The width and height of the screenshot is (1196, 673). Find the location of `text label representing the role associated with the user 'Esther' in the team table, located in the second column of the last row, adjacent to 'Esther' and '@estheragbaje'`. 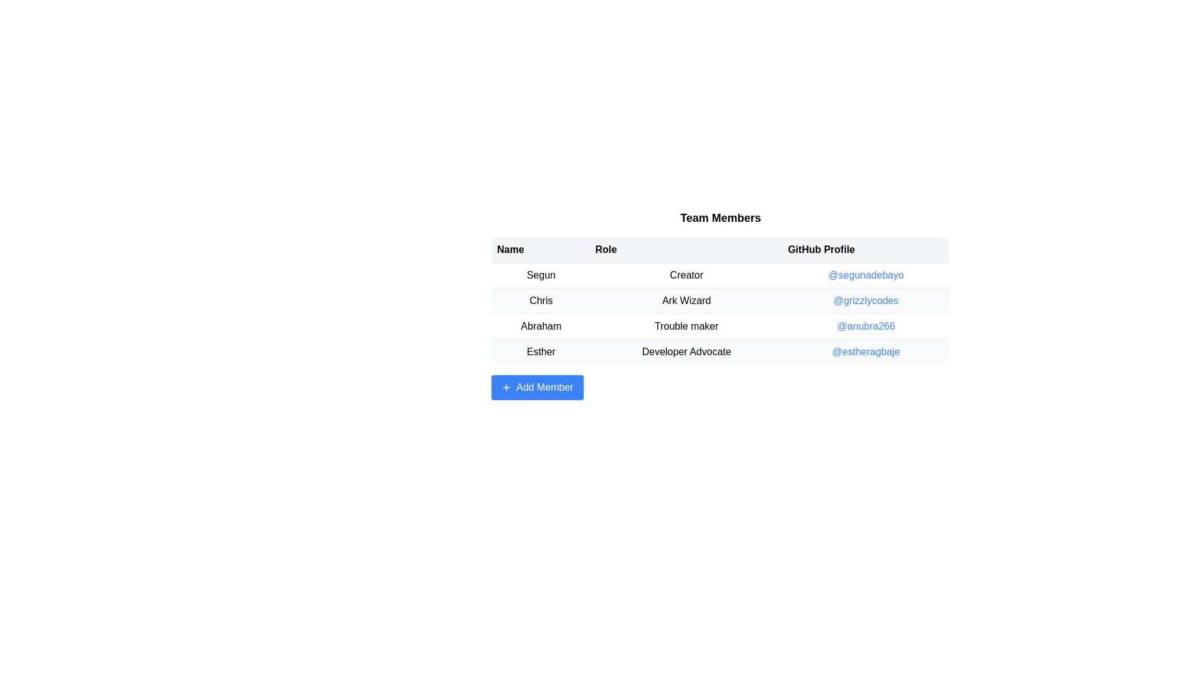

text label representing the role associated with the user 'Esther' in the team table, located in the second column of the last row, adjacent to 'Esther' and '@estheragbaje' is located at coordinates (686, 351).